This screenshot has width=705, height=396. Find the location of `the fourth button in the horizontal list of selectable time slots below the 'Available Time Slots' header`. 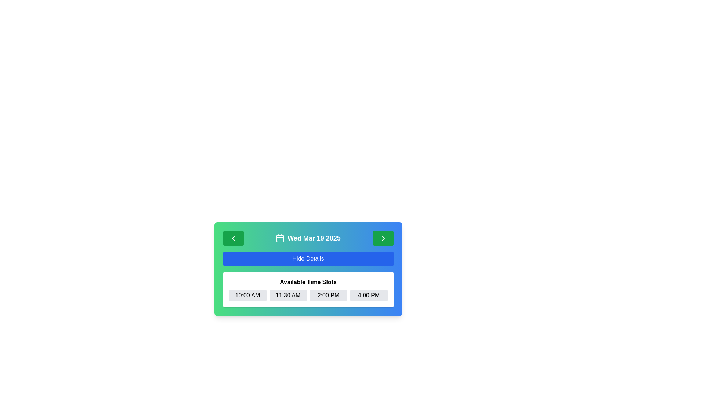

the fourth button in the horizontal list of selectable time slots below the 'Available Time Slots' header is located at coordinates (369, 295).